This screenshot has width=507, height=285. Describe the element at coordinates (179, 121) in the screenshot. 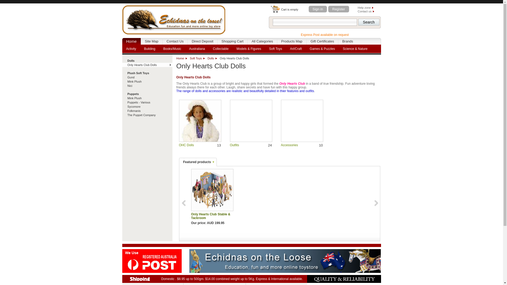

I see `'OHC Dolls'` at that location.